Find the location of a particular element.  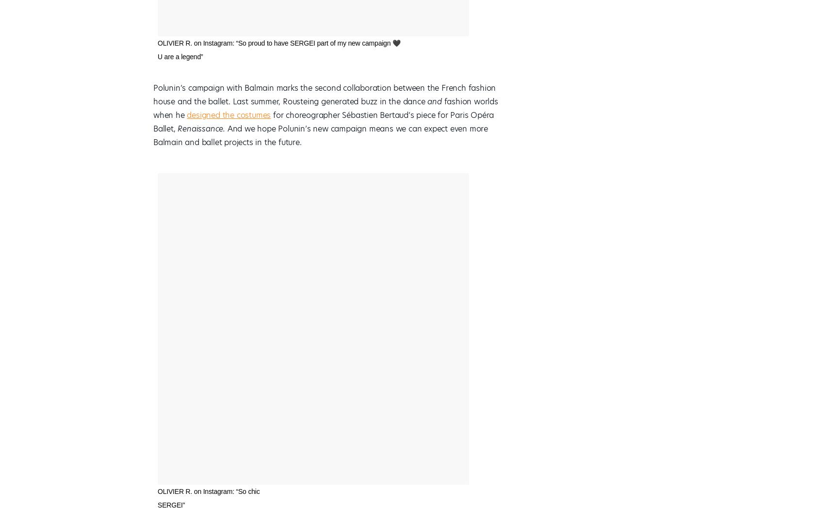

'And we hope Polunin’s new campaign means we can expect even more Balmain and ballet projects in the future.' is located at coordinates (321, 135).